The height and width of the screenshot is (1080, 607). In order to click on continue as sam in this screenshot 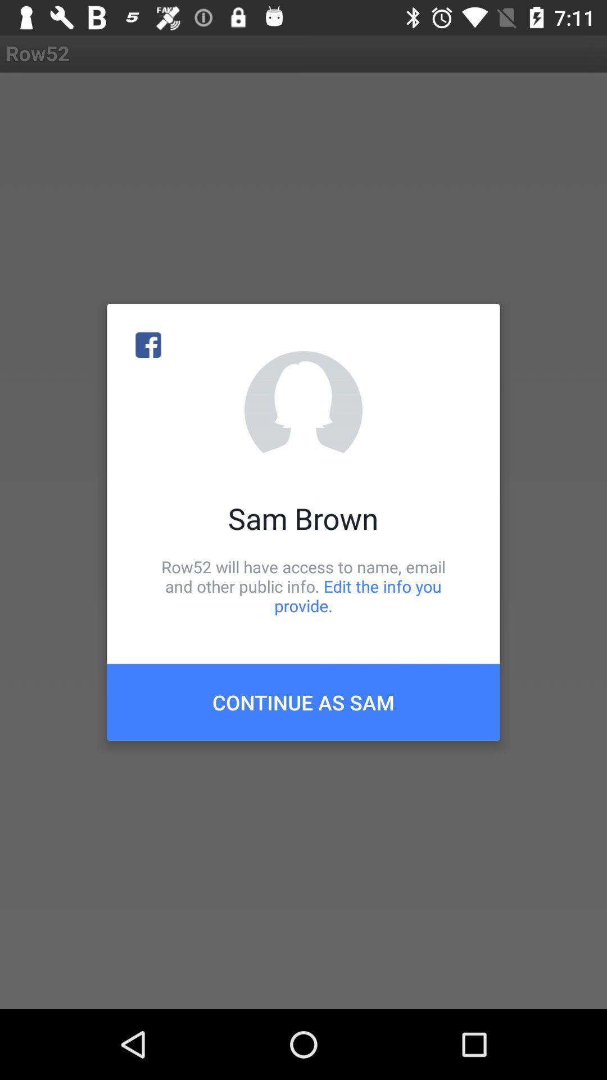, I will do `click(303, 701)`.